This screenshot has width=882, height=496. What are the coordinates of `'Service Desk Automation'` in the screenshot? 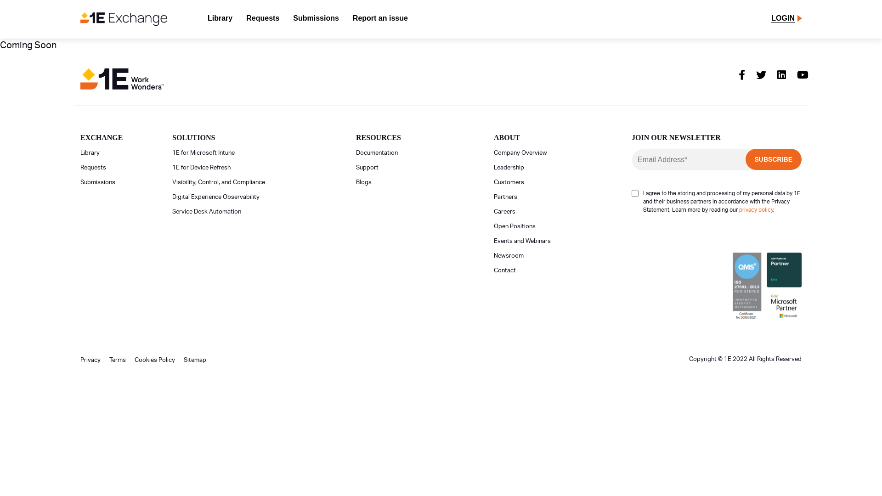 It's located at (206, 212).